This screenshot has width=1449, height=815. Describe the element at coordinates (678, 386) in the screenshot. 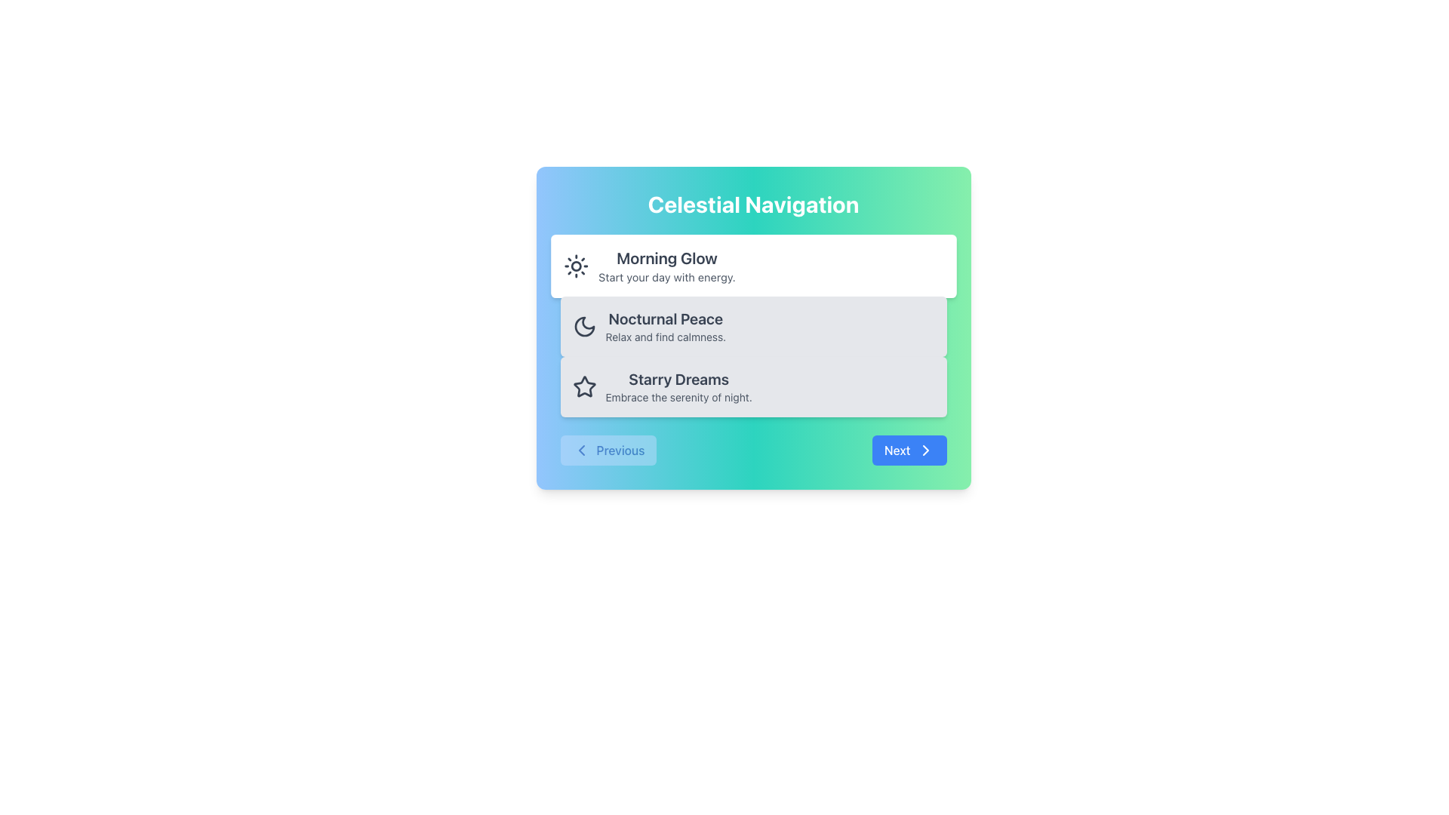

I see `the card titled 'Starry Dreams' located as the third item in the list under 'Celestial Navigation'` at that location.